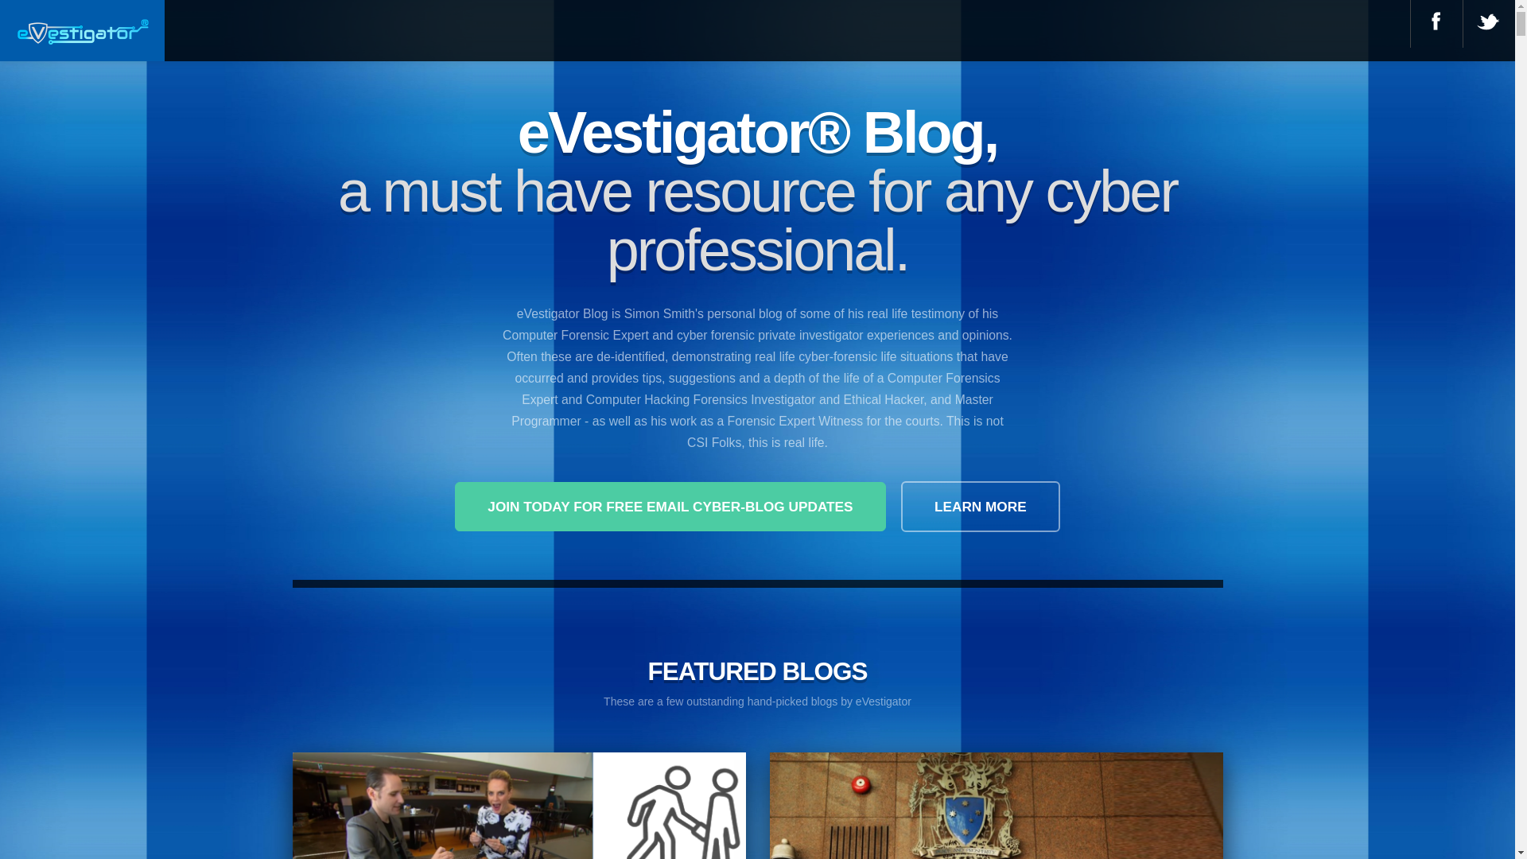 The width and height of the screenshot is (1527, 859). Describe the element at coordinates (1432, 21) in the screenshot. I see `'@ Facebook'` at that location.